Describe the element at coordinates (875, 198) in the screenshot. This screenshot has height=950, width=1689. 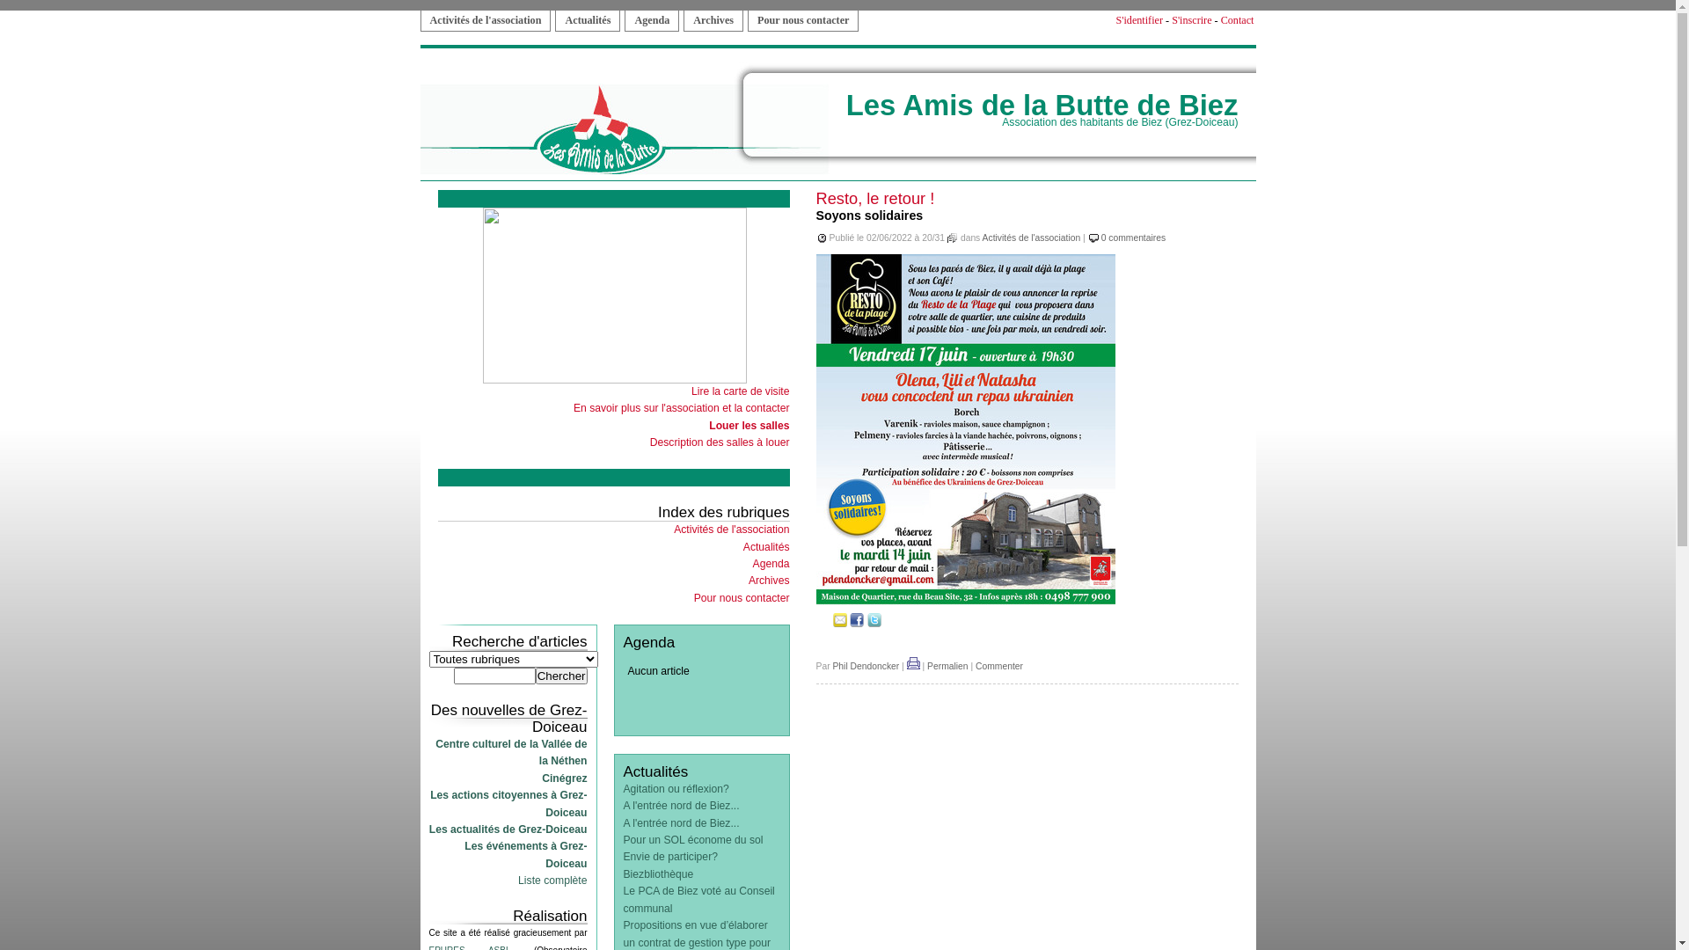
I see `'Resto, le retour !'` at that location.